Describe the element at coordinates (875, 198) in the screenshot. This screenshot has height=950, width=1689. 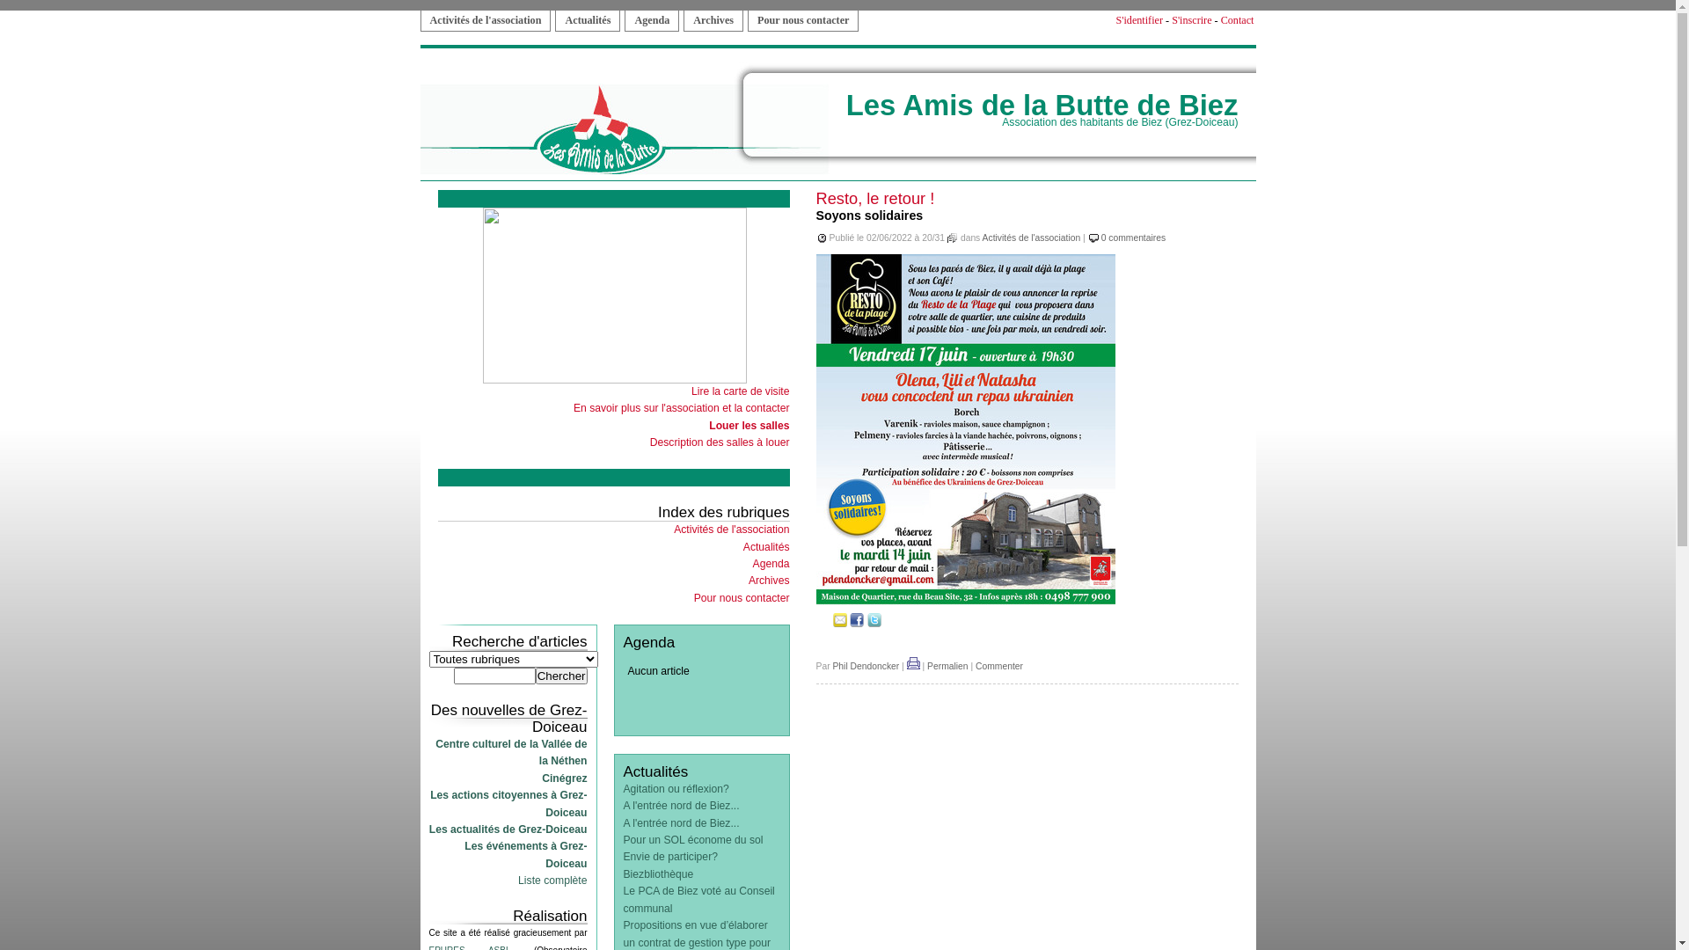
I see `'Resto, le retour !'` at that location.